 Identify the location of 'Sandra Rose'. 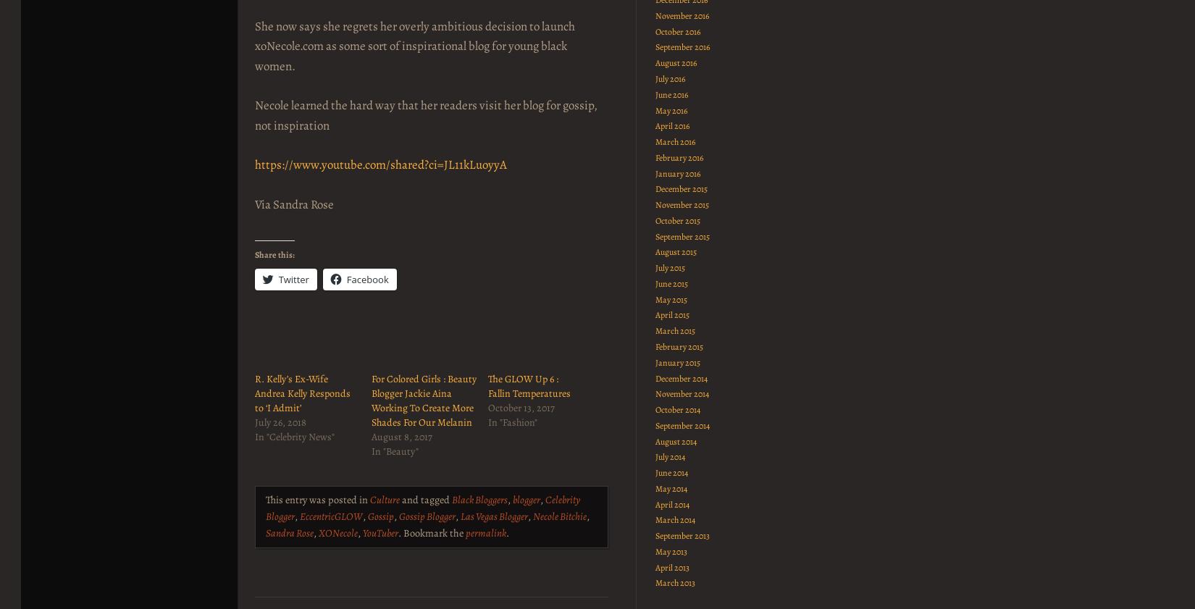
(289, 532).